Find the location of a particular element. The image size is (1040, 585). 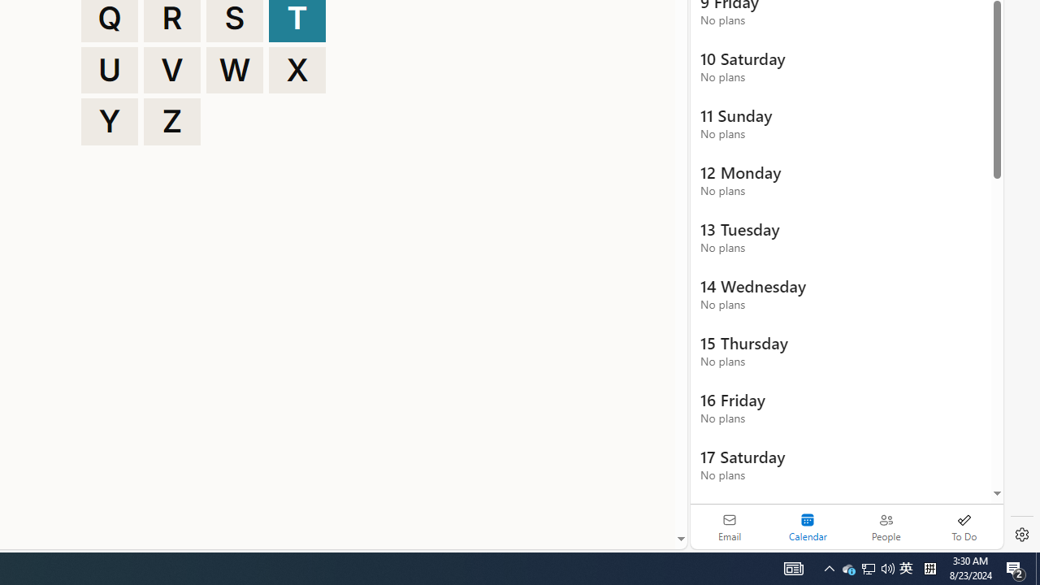

'W' is located at coordinates (234, 69).